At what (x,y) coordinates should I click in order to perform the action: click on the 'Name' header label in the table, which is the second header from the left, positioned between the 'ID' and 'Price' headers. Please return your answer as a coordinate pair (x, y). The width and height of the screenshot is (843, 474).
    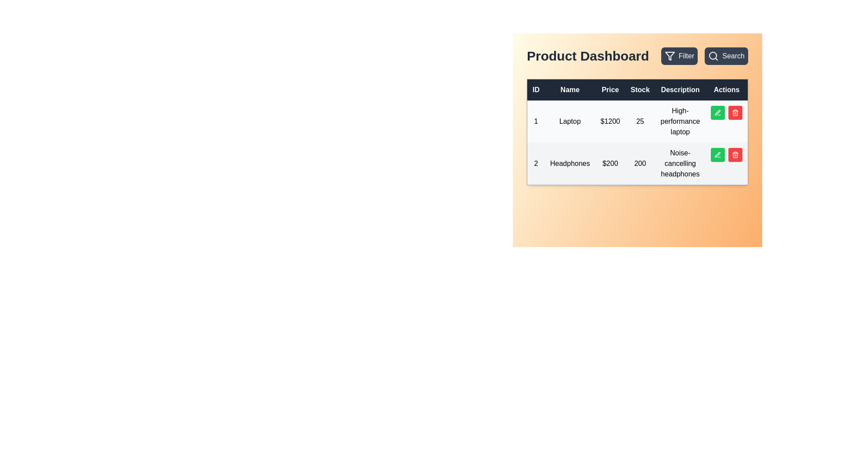
    Looking at the image, I should click on (570, 90).